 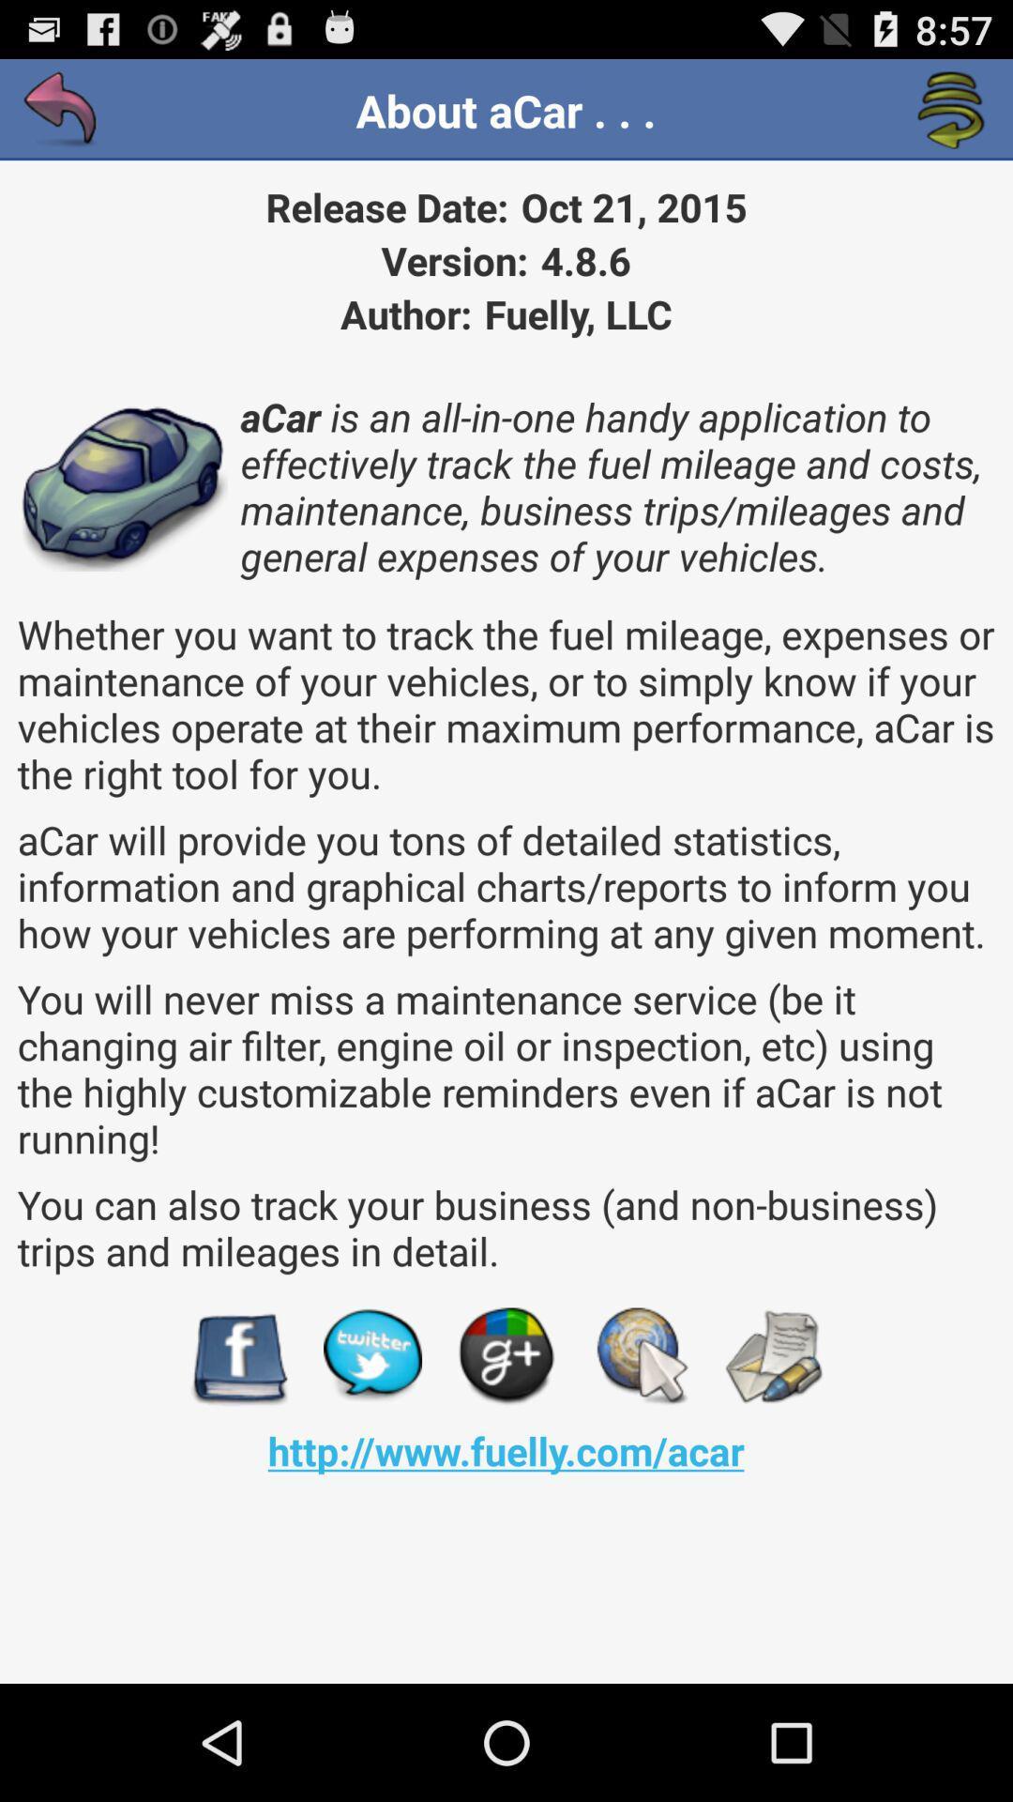 I want to click on the app below the you can also item, so click(x=774, y=1356).